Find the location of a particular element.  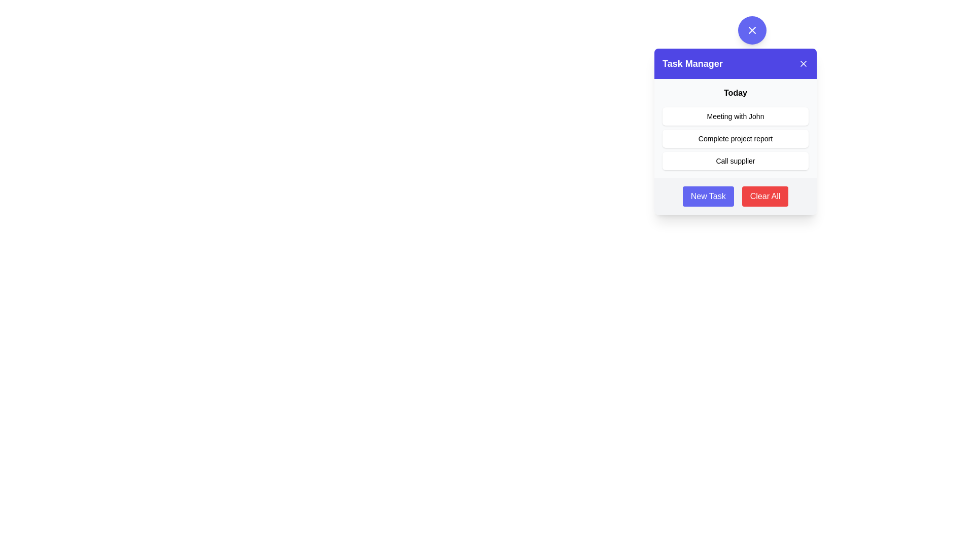

an individual list item in the 'Today' task list of the 'Task Manager' dialog box is located at coordinates (735, 138).